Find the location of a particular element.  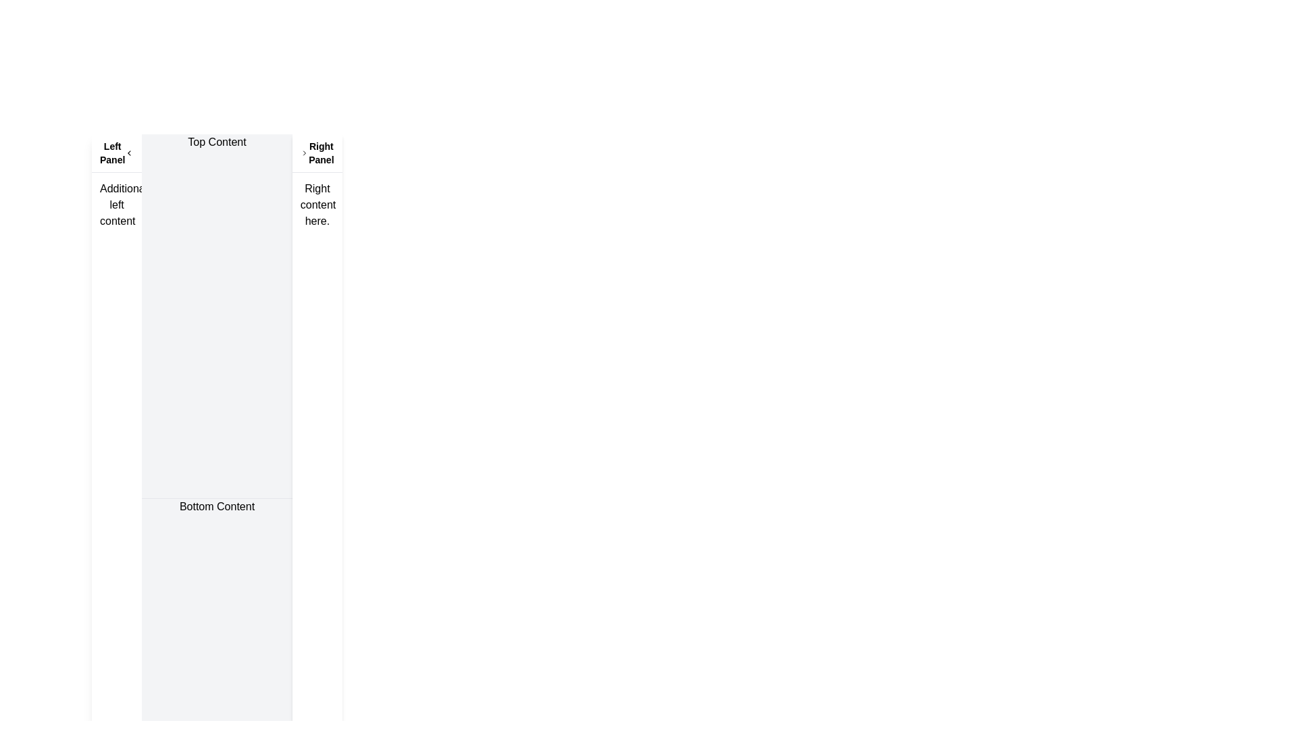

the Static Text element that serves as a label or header for the right panel, positioned to the right of an icon with a chevron symbol is located at coordinates (320, 153).